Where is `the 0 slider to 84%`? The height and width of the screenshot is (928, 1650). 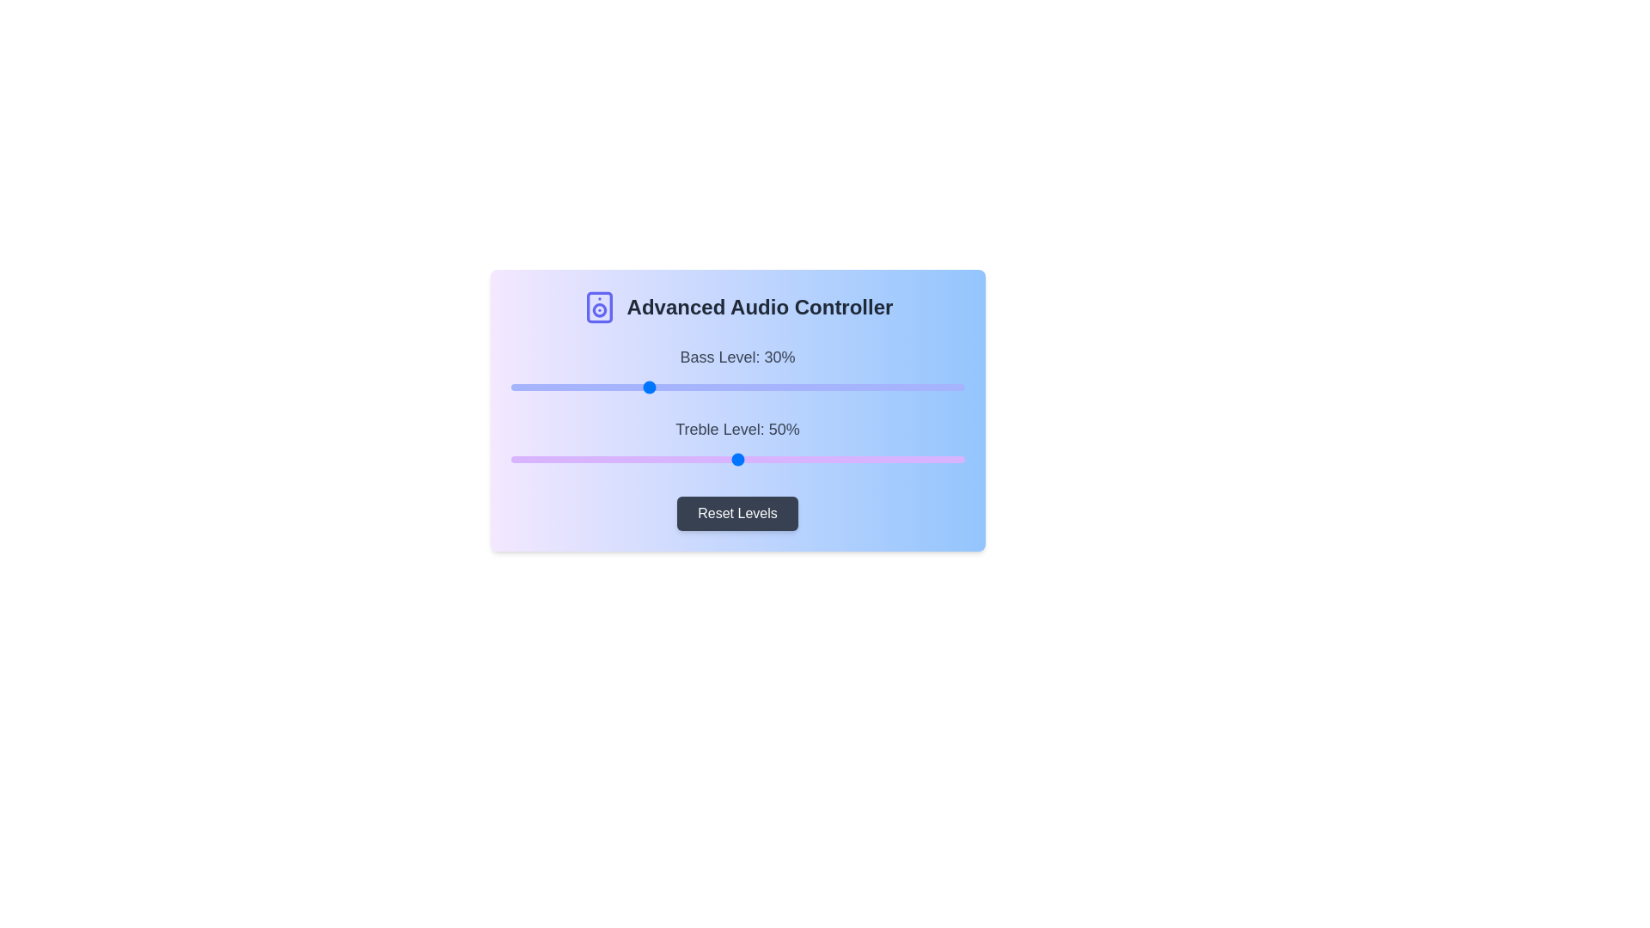 the 0 slider to 84% is located at coordinates (891, 388).